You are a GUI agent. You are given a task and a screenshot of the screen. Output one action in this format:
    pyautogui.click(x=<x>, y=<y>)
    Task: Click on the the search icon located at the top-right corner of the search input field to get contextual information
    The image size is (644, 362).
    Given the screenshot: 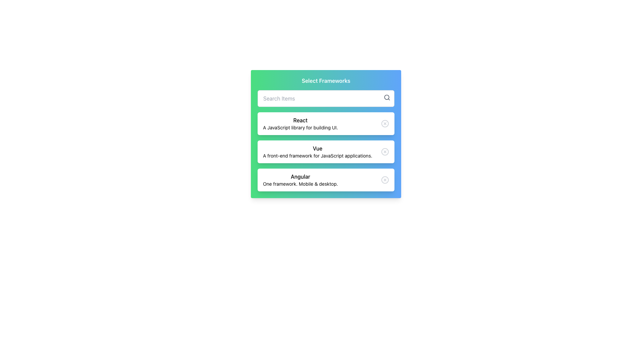 What is the action you would take?
    pyautogui.click(x=387, y=97)
    